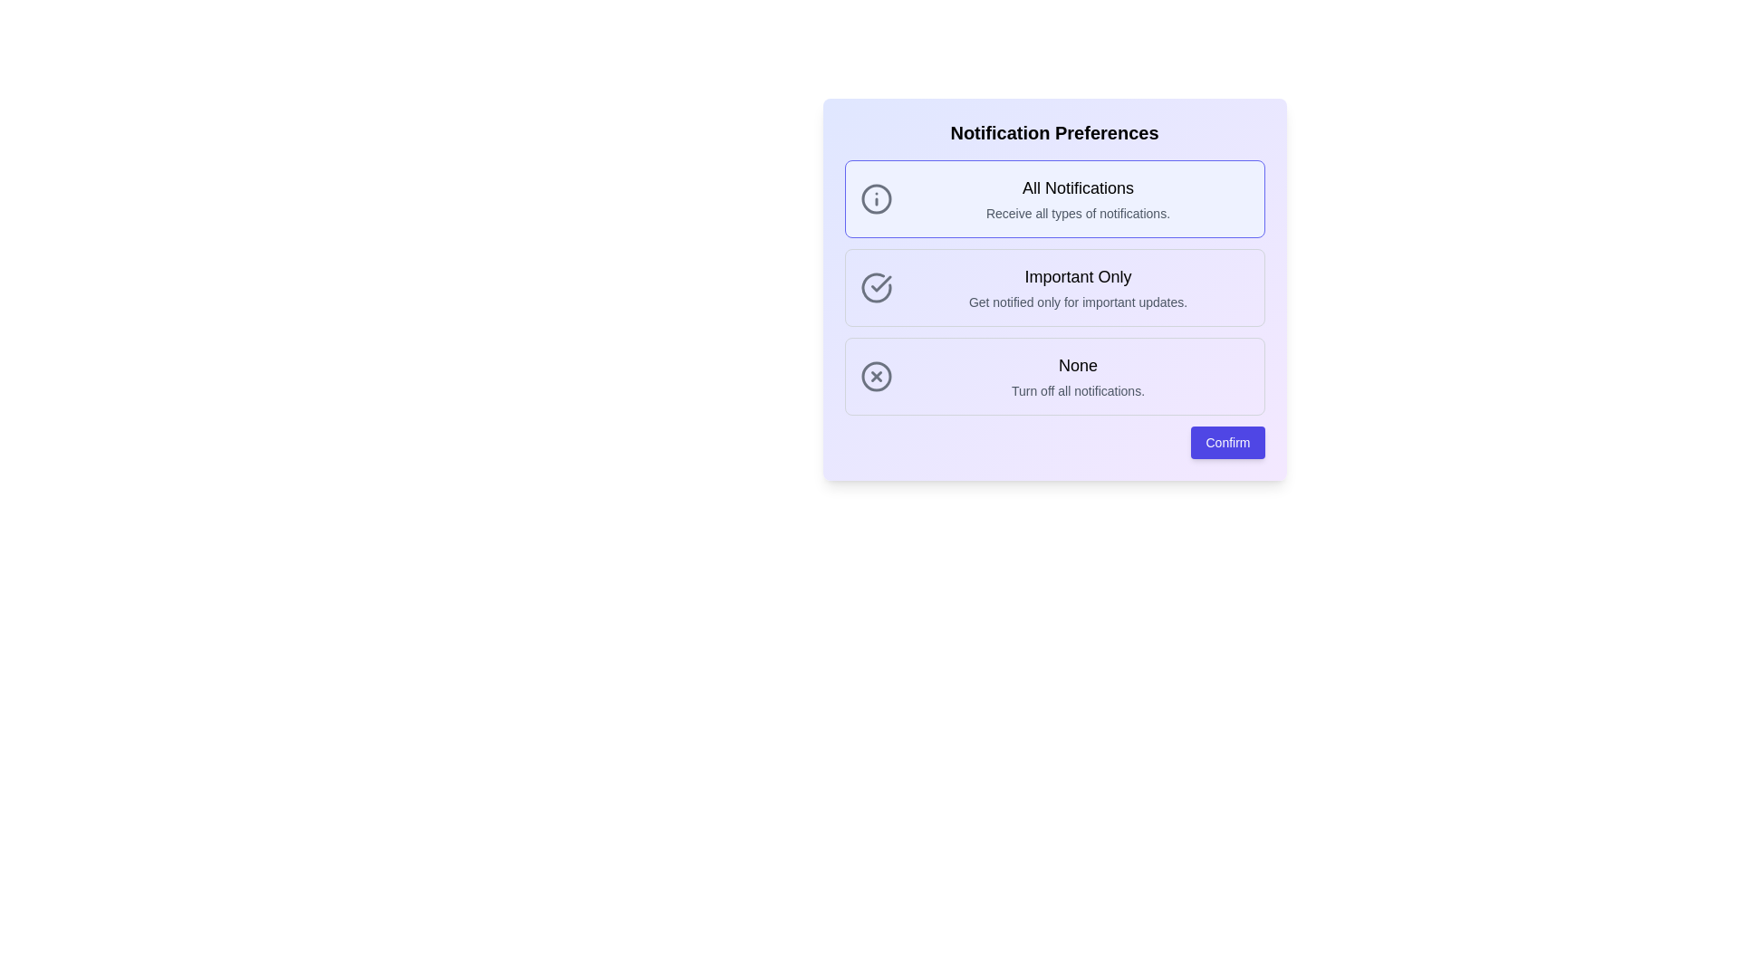 Image resolution: width=1739 pixels, height=978 pixels. What do you see at coordinates (1078, 212) in the screenshot?
I see `the descriptive text label located below the 'All Notifications' title in the 'Notification Preferences' panel` at bounding box center [1078, 212].